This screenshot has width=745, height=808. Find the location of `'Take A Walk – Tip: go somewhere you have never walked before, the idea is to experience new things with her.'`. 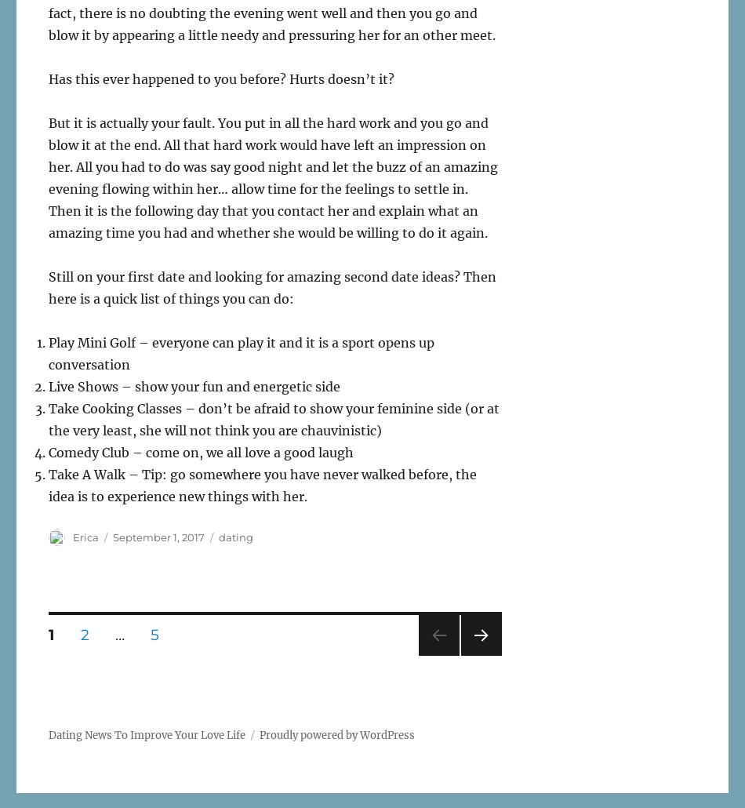

'Take A Walk – Tip: go somewhere you have never walked before, the idea is to experience new things with her.' is located at coordinates (261, 485).